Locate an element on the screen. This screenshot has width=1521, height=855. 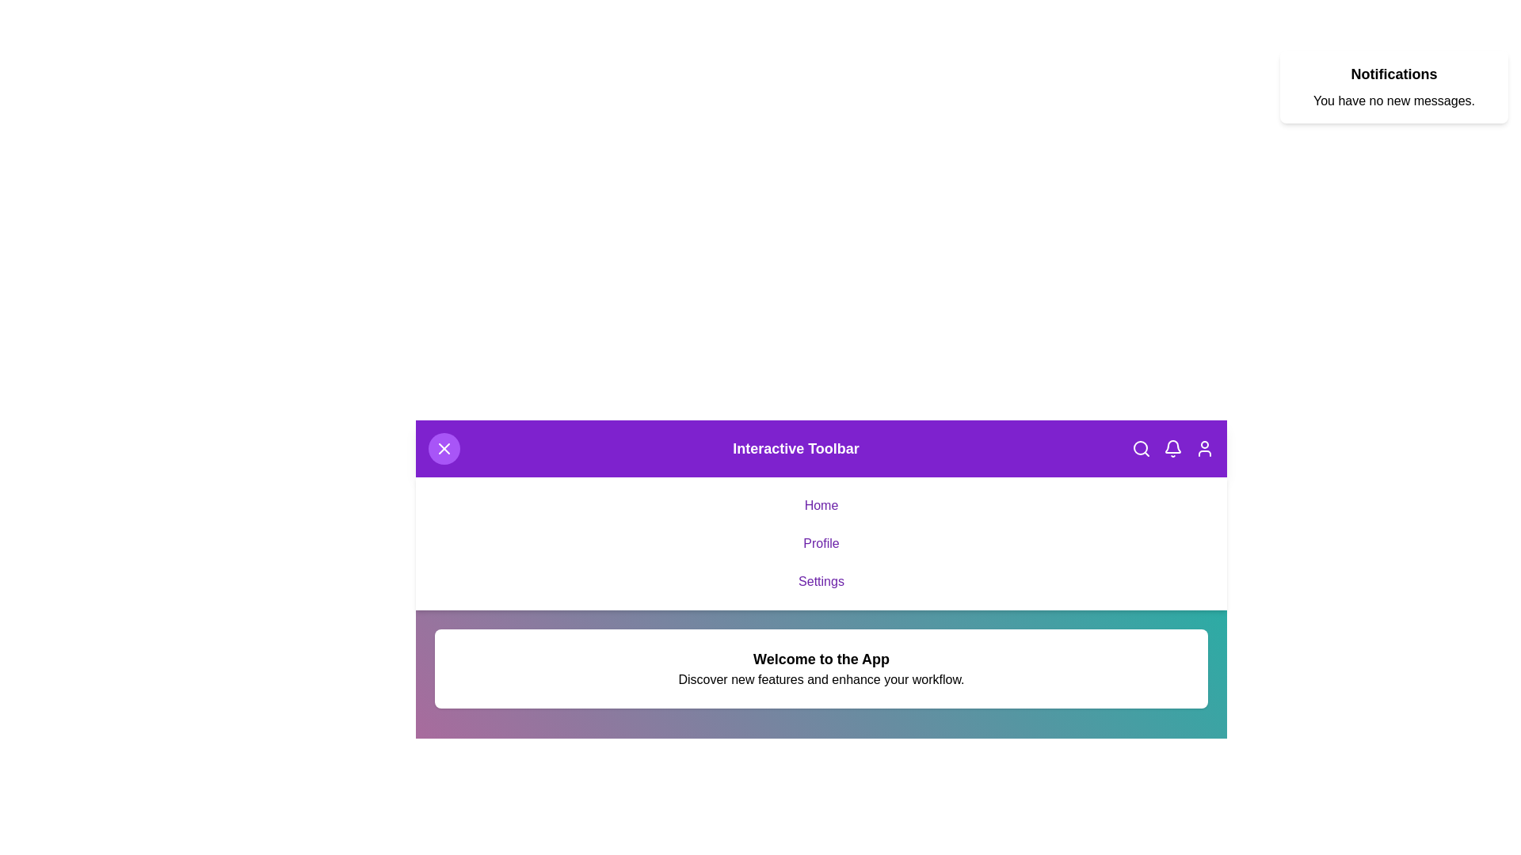
the 'Settings' link in the navigation menu is located at coordinates (821, 582).